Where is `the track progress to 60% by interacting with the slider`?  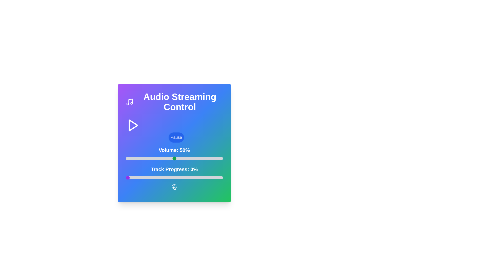
the track progress to 60% by interacting with the slider is located at coordinates (184, 177).